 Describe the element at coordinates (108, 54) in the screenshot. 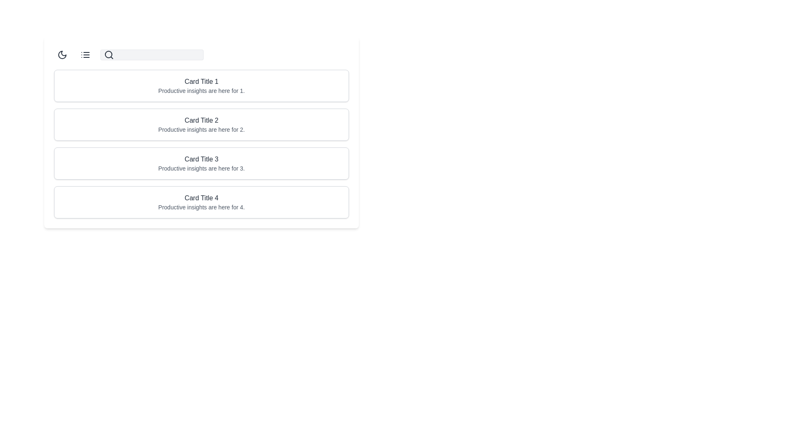

I see `the circular shape of the search icon located in the first toolbar at the top right of the page` at that location.